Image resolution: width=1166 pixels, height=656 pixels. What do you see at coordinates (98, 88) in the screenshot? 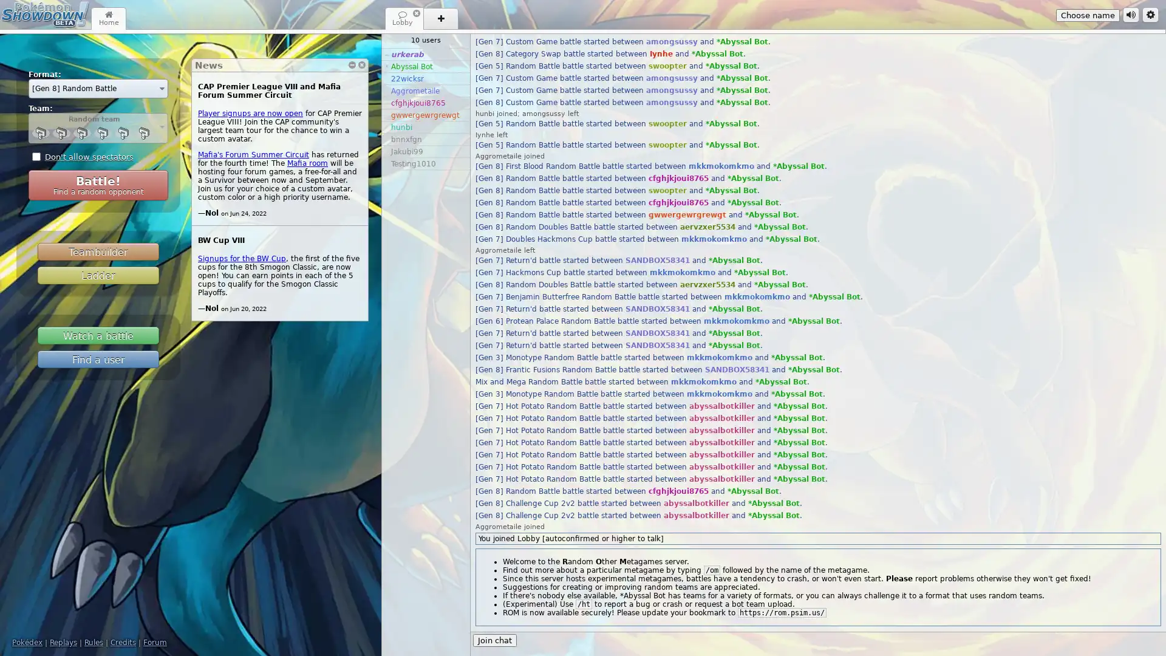
I see `[Gen 8] Random Battle` at bounding box center [98, 88].